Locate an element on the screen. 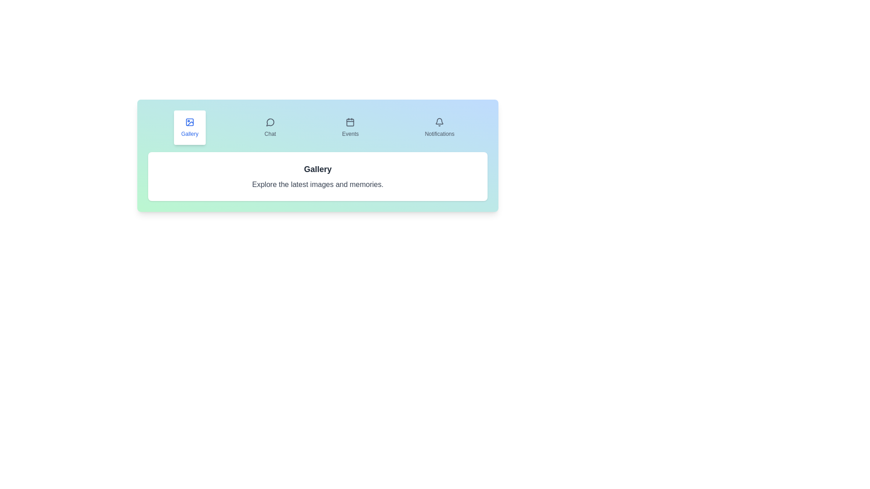  the Gallery tab to display its content is located at coordinates (189, 127).